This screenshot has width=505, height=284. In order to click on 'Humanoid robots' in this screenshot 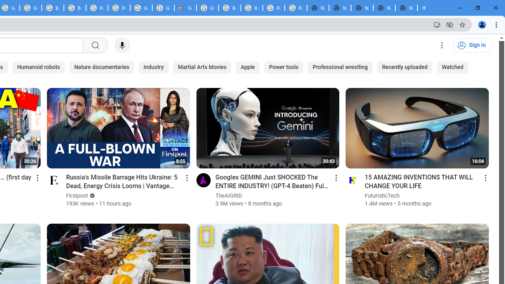, I will do `click(38, 67)`.